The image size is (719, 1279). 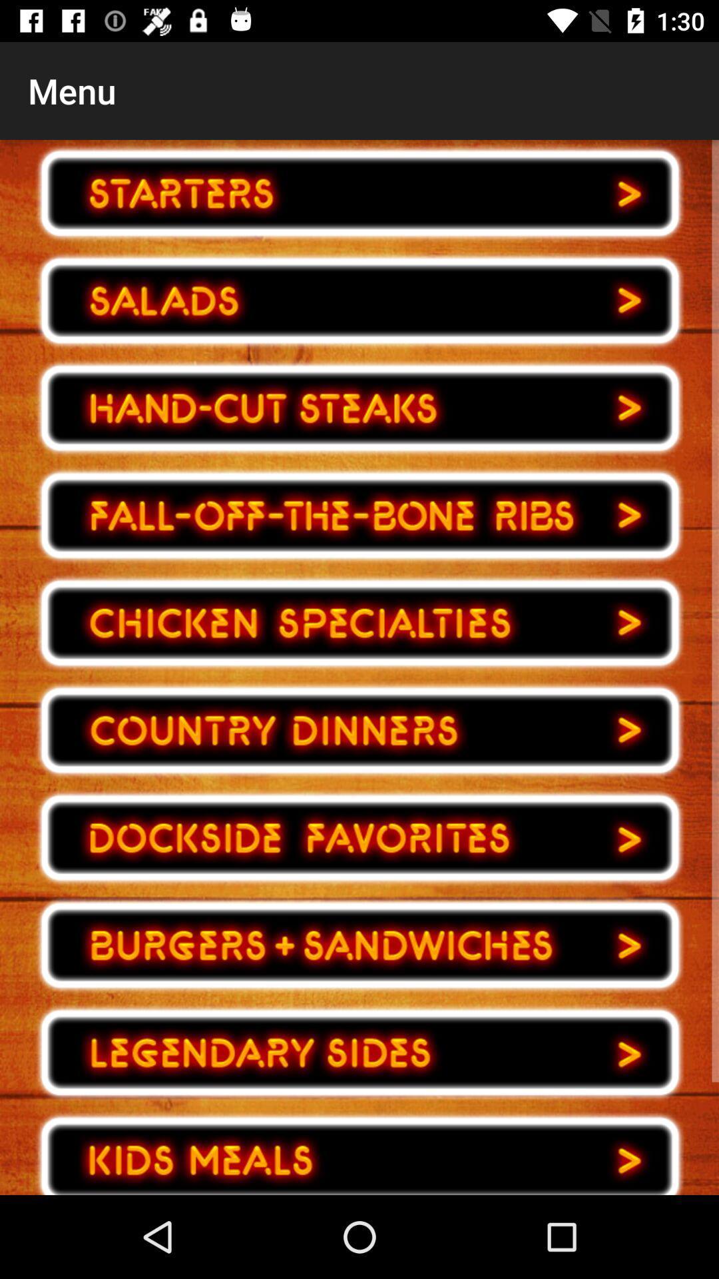 What do you see at coordinates (359, 193) in the screenshot?
I see `choose option` at bounding box center [359, 193].